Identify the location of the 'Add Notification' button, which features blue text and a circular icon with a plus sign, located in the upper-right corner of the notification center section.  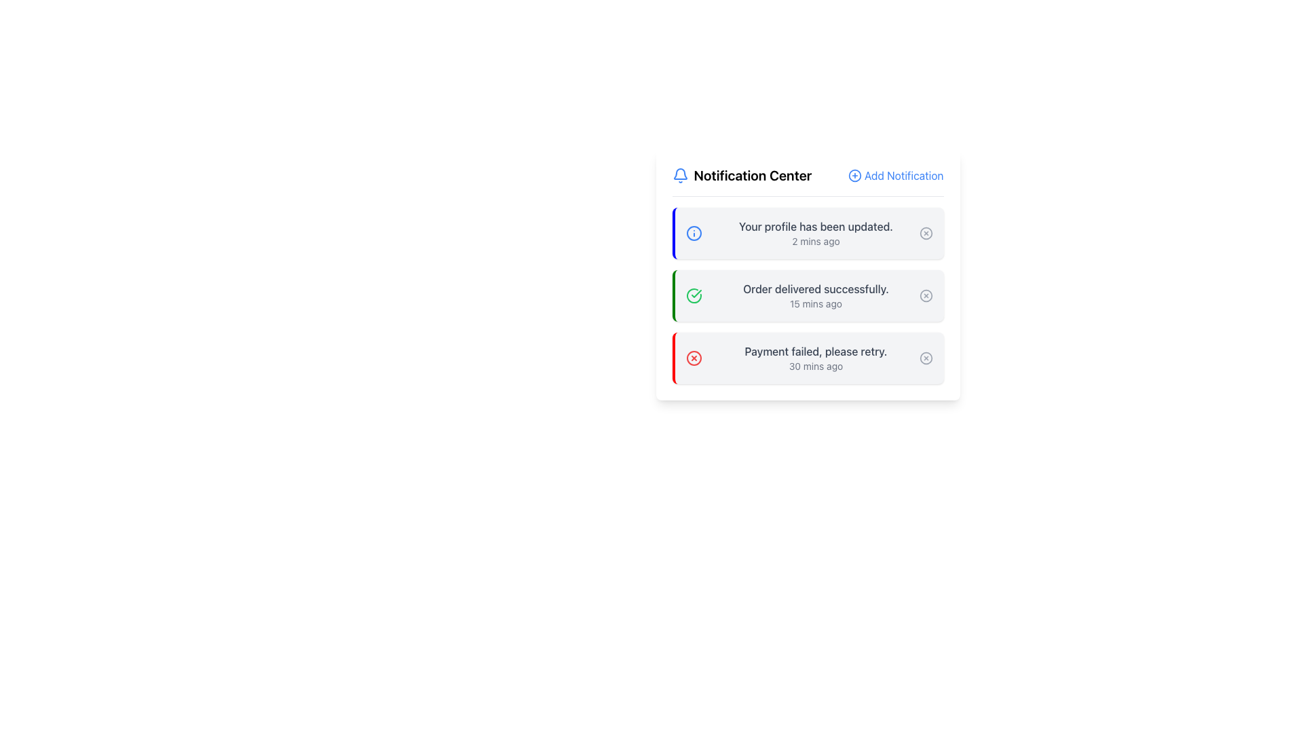
(896, 174).